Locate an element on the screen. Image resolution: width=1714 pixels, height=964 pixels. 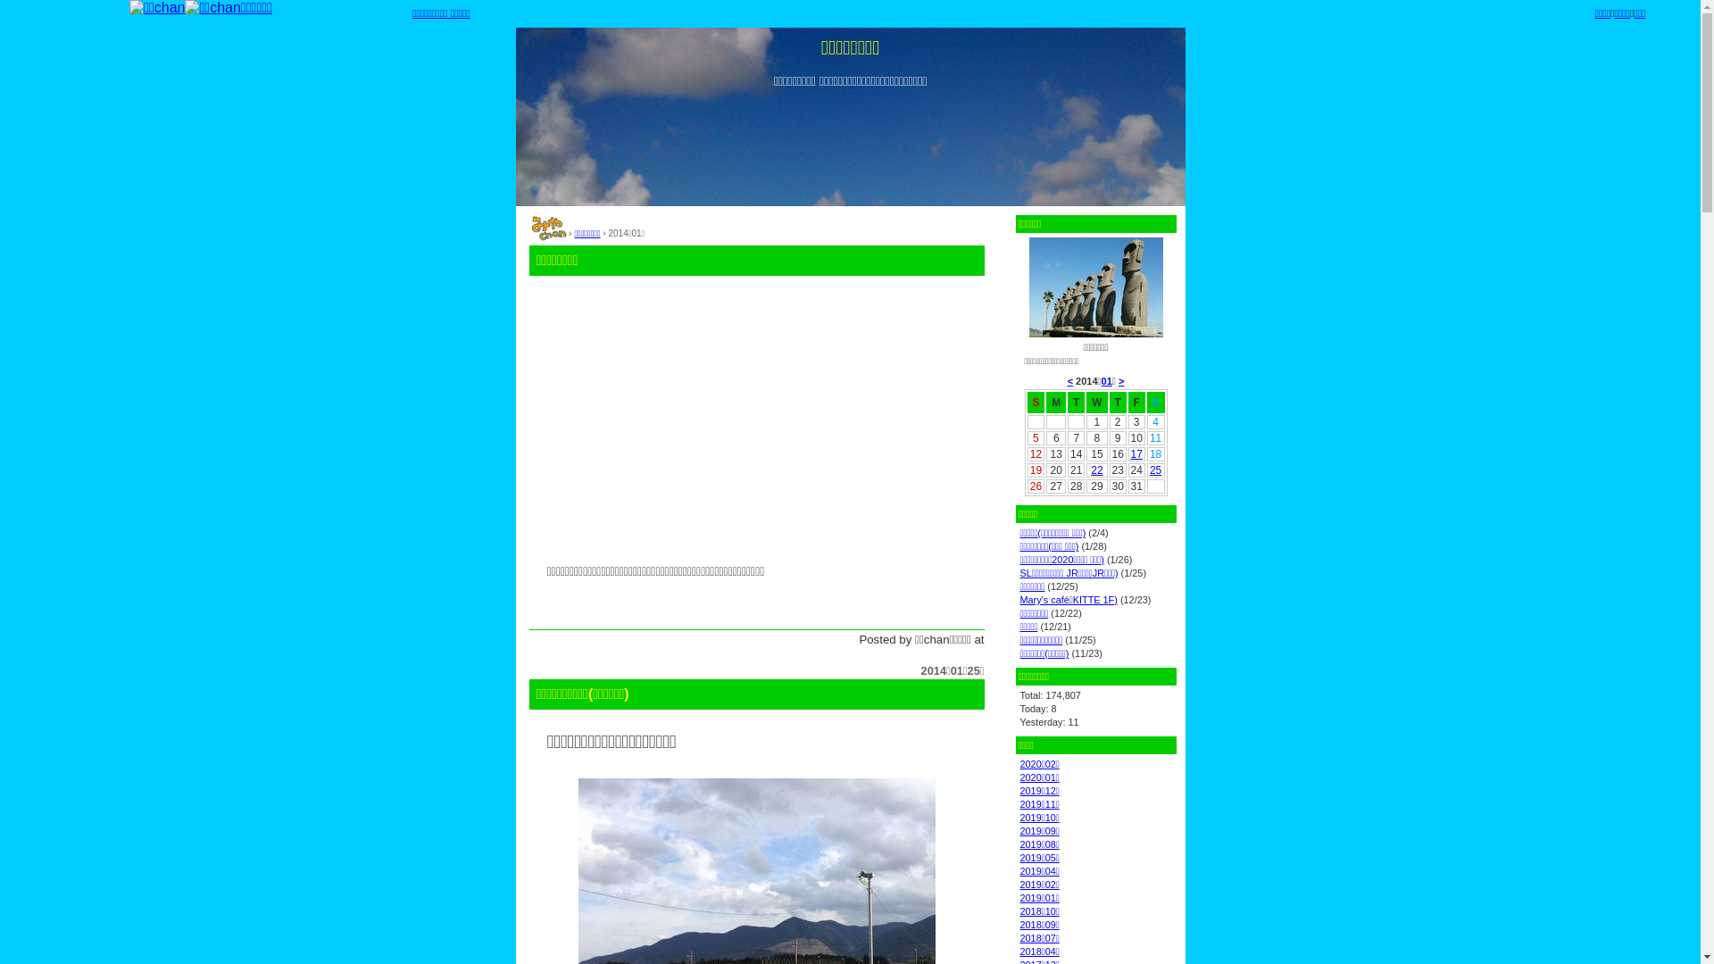
'01' is located at coordinates (1105, 380).